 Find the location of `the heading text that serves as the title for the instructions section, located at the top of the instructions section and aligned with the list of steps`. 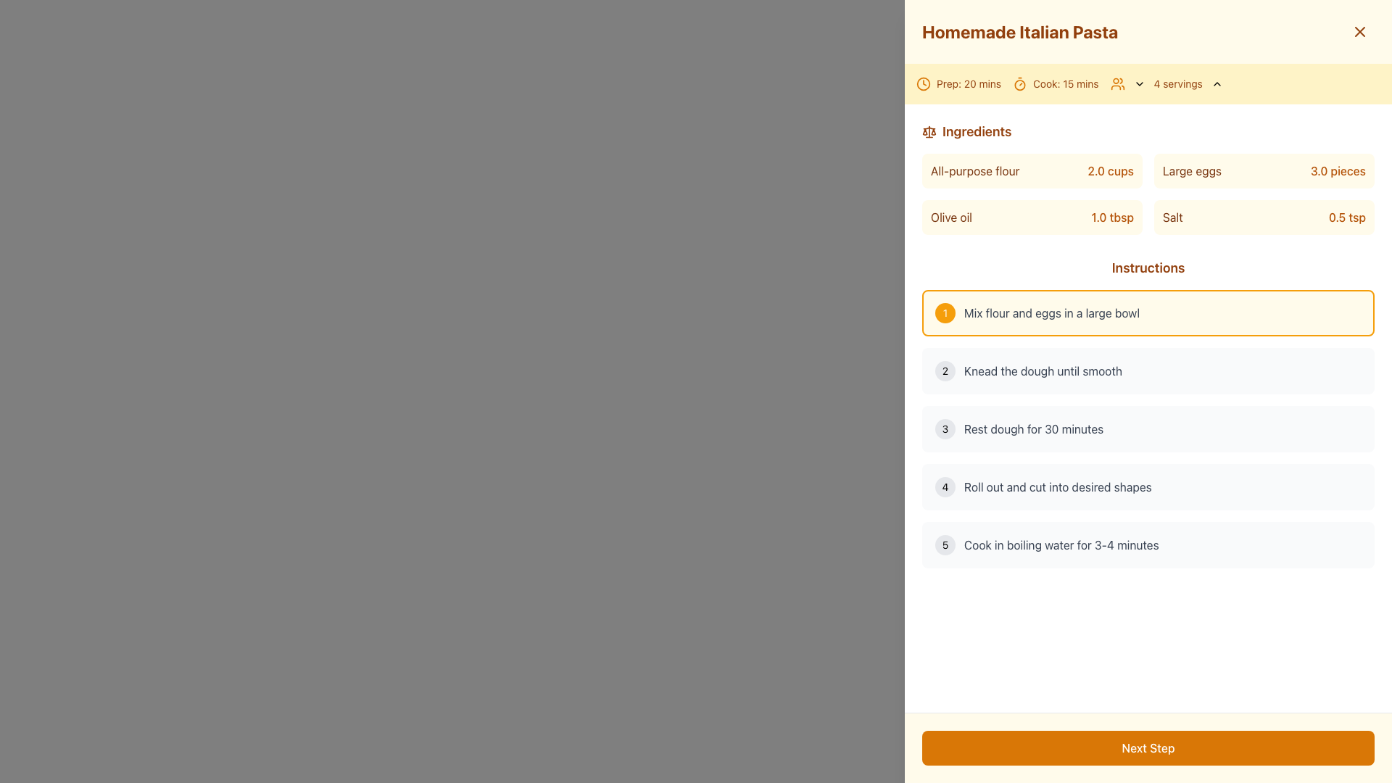

the heading text that serves as the title for the instructions section, located at the top of the instructions section and aligned with the list of steps is located at coordinates (1148, 268).